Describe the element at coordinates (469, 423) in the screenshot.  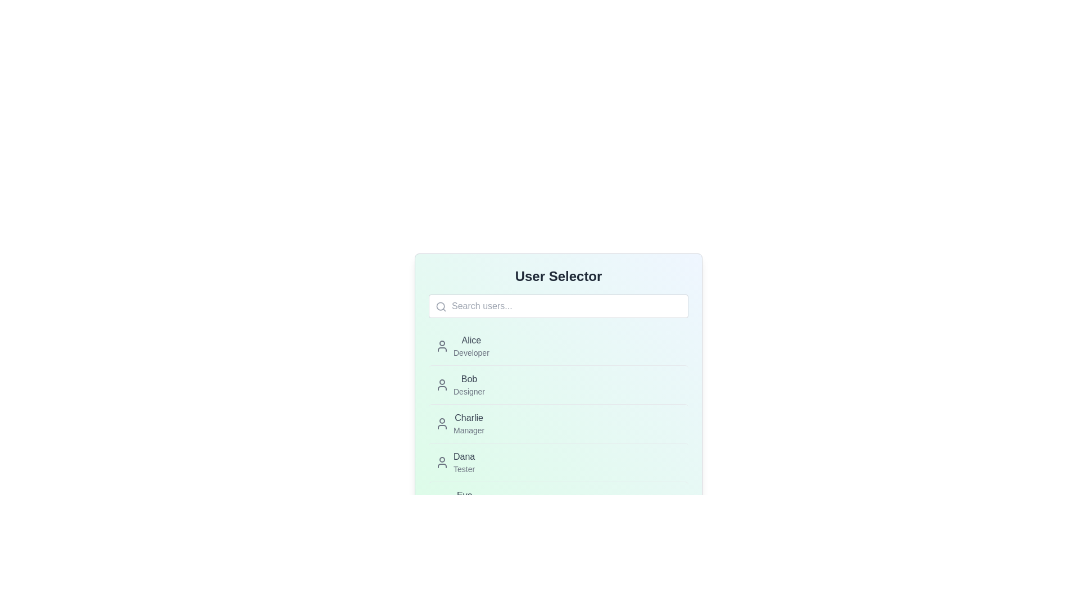
I see `the Text label indicating the user 'Charlie' in the User Selector list, which is the third item between 'Bob' and 'Dana'` at that location.